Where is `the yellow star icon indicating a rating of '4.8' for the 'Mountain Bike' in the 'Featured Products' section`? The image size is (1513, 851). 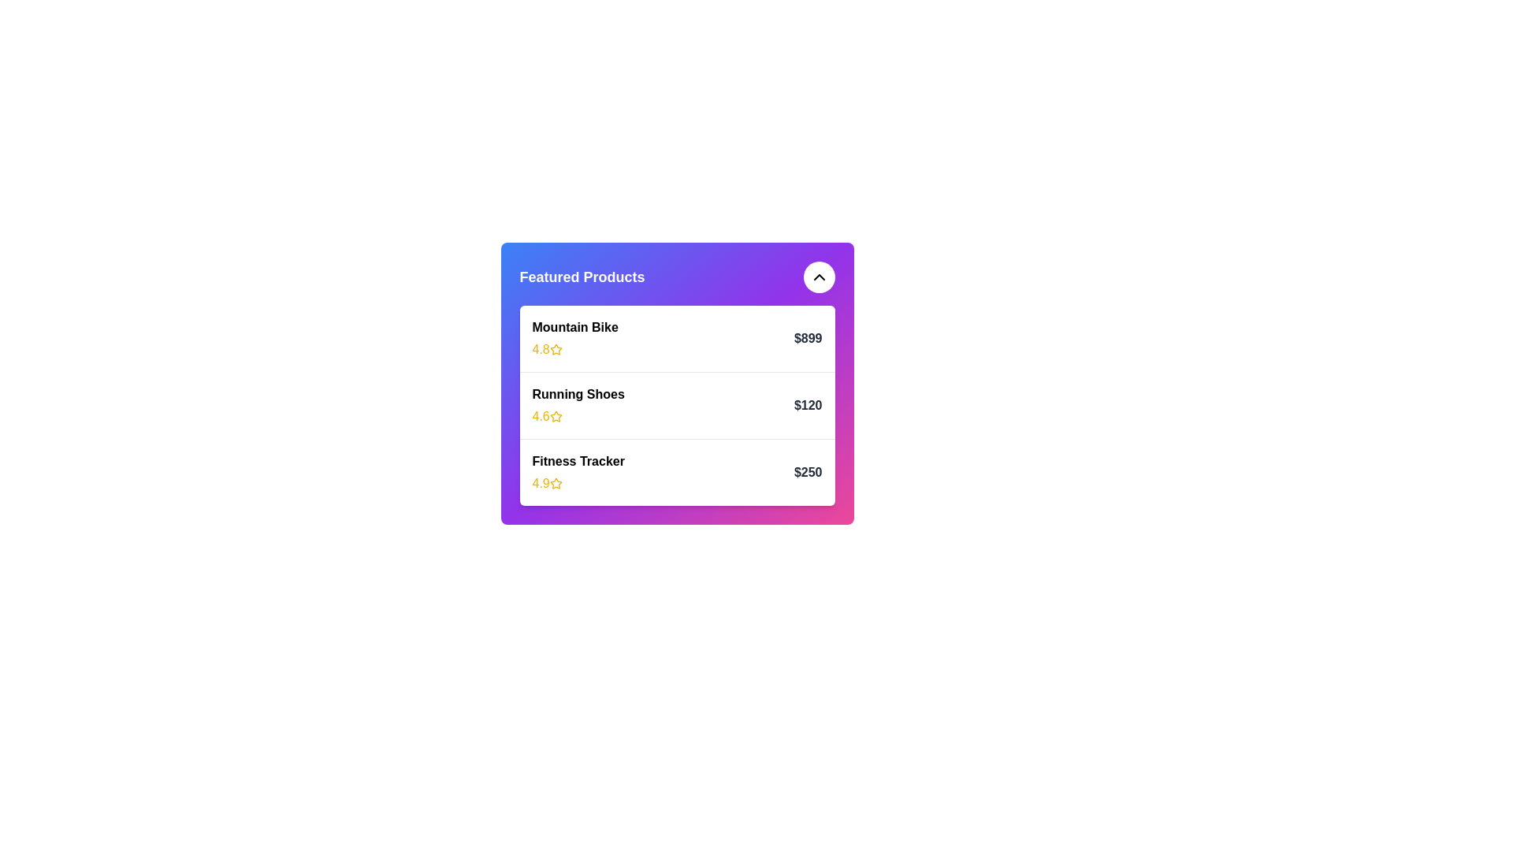
the yellow star icon indicating a rating of '4.8' for the 'Mountain Bike' in the 'Featured Products' section is located at coordinates (556, 348).